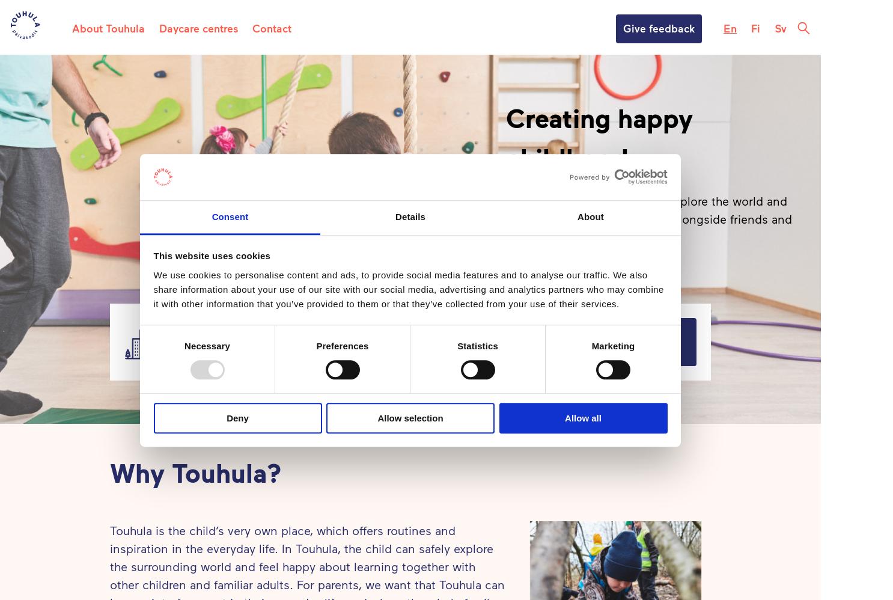  Describe the element at coordinates (658, 28) in the screenshot. I see `'Give feedback'` at that location.